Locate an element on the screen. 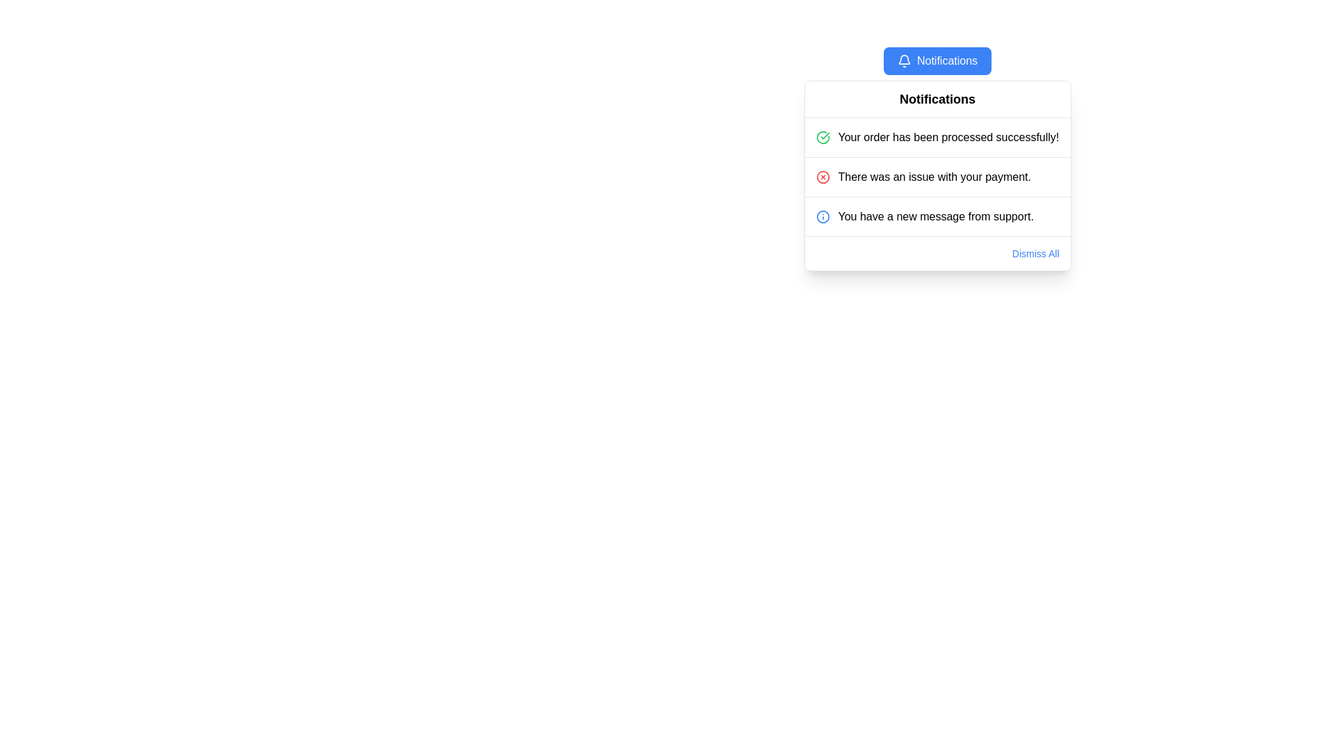 The width and height of the screenshot is (1335, 751). the 'Dismiss All' link in the bottom-right corner of the notification box is located at coordinates (1035, 254).